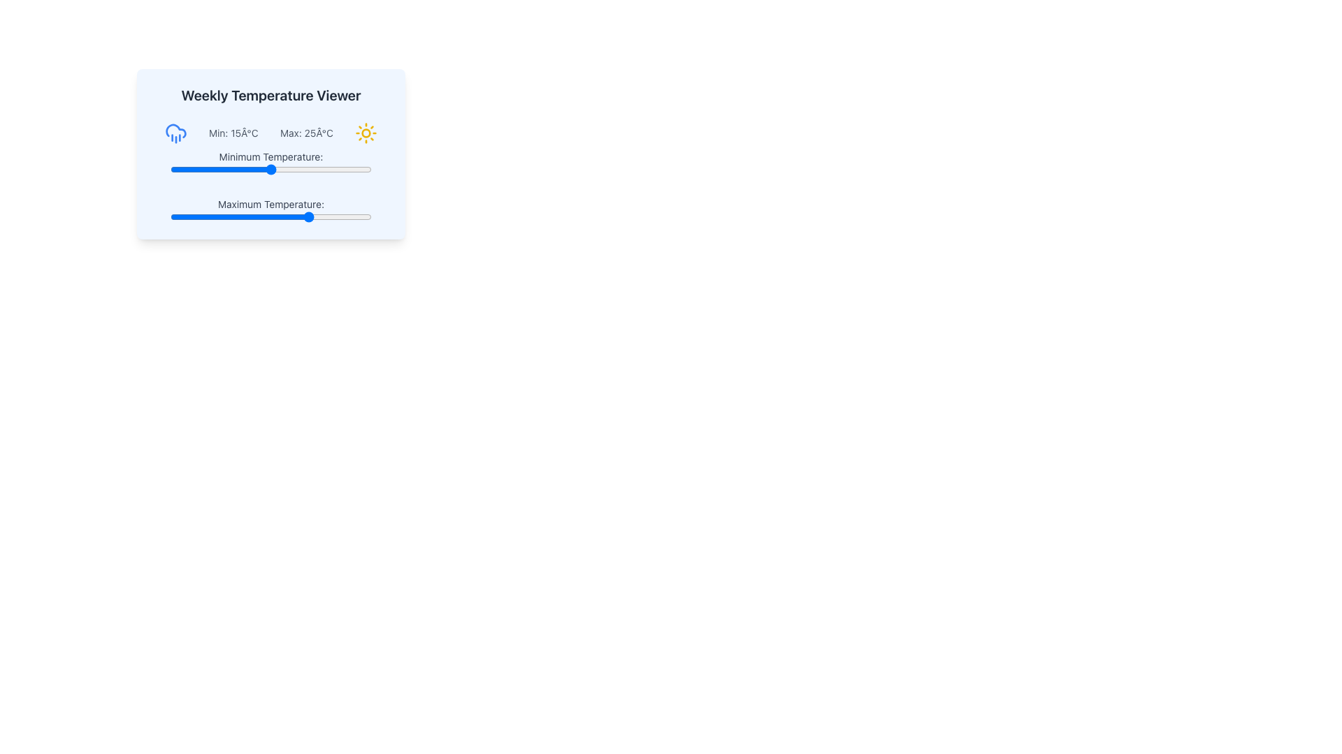 The image size is (1342, 754). I want to click on the maximum temperature, so click(218, 217).